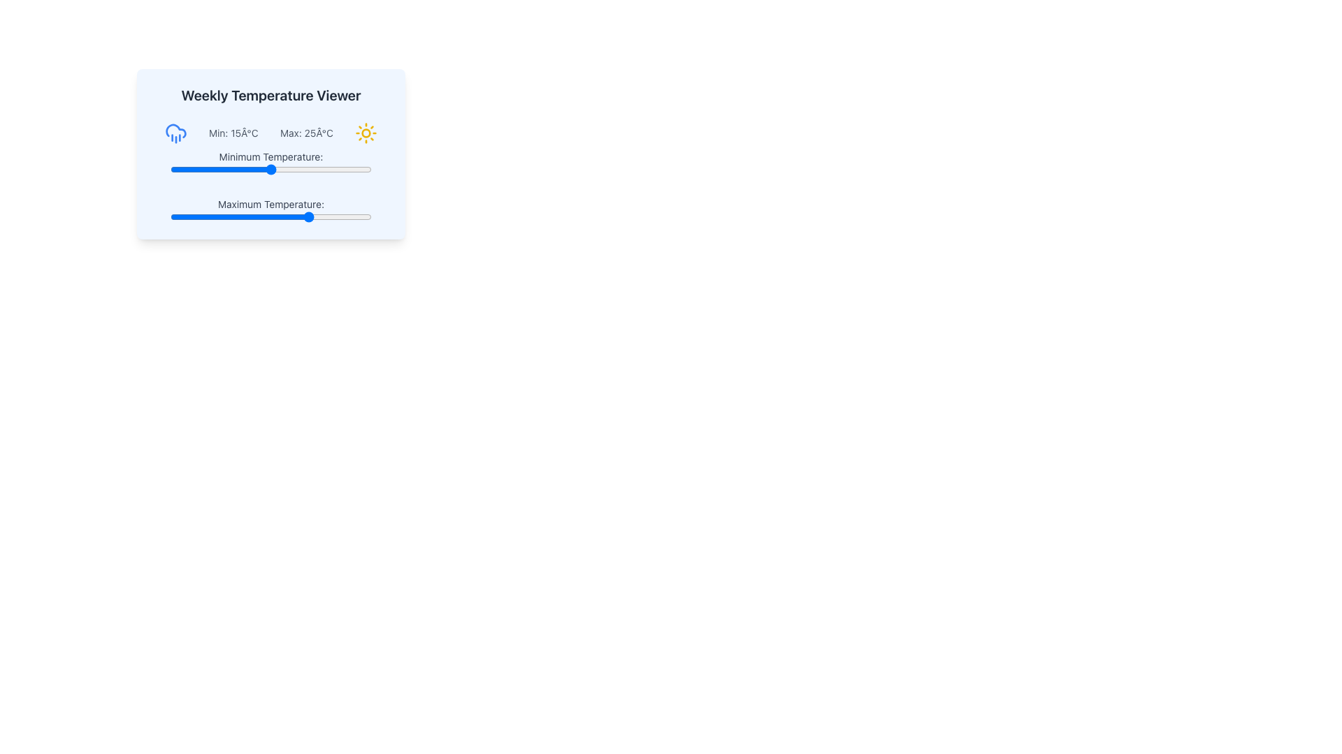 The image size is (1342, 754). I want to click on the maximum temperature, so click(218, 217).